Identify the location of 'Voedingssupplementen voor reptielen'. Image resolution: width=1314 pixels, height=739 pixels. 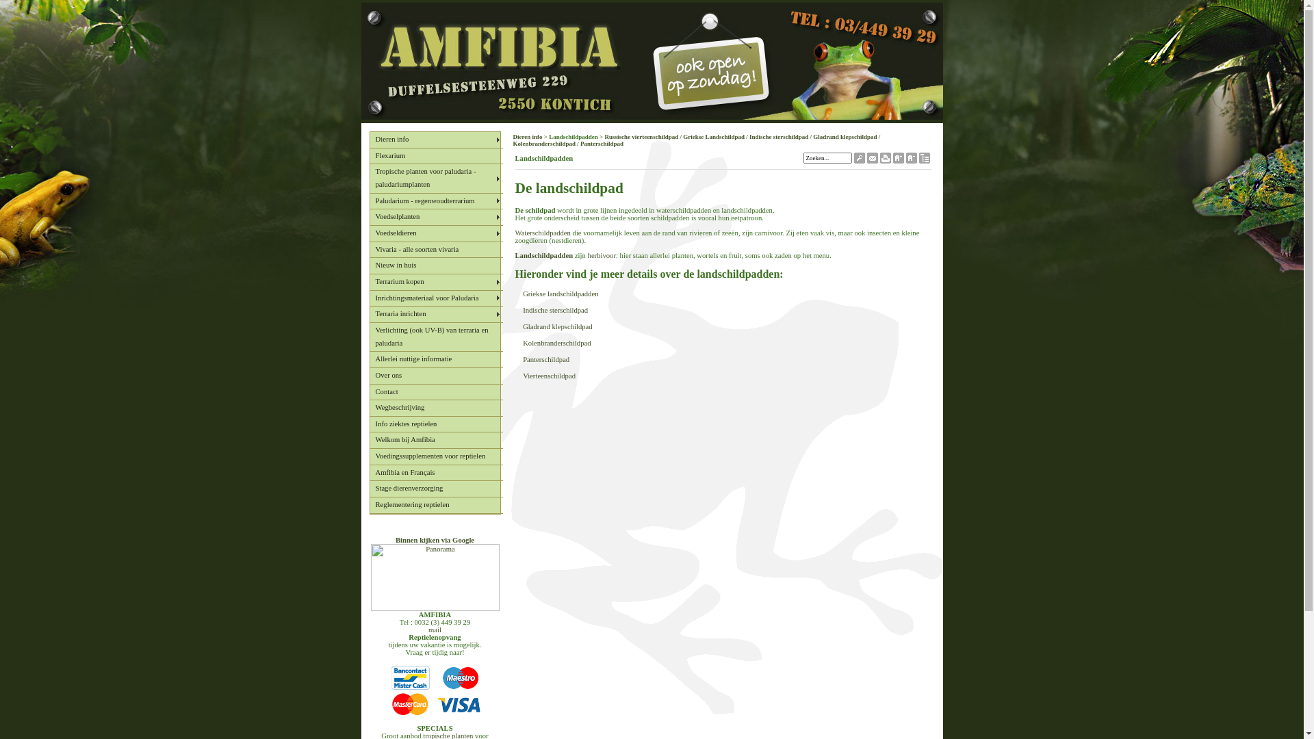
(435, 456).